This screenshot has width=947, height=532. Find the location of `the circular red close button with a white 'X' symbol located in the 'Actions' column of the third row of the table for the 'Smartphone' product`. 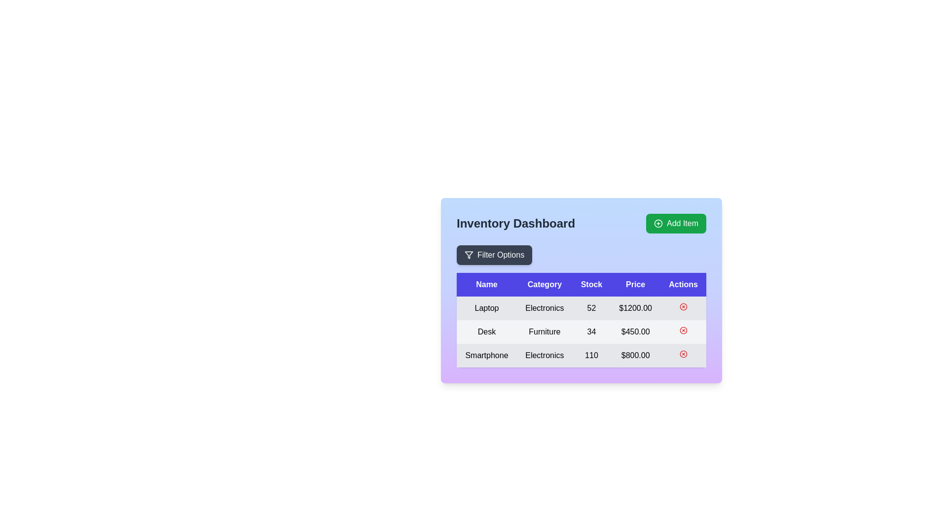

the circular red close button with a white 'X' symbol located in the 'Actions' column of the third row of the table for the 'Smartphone' product is located at coordinates (683, 353).